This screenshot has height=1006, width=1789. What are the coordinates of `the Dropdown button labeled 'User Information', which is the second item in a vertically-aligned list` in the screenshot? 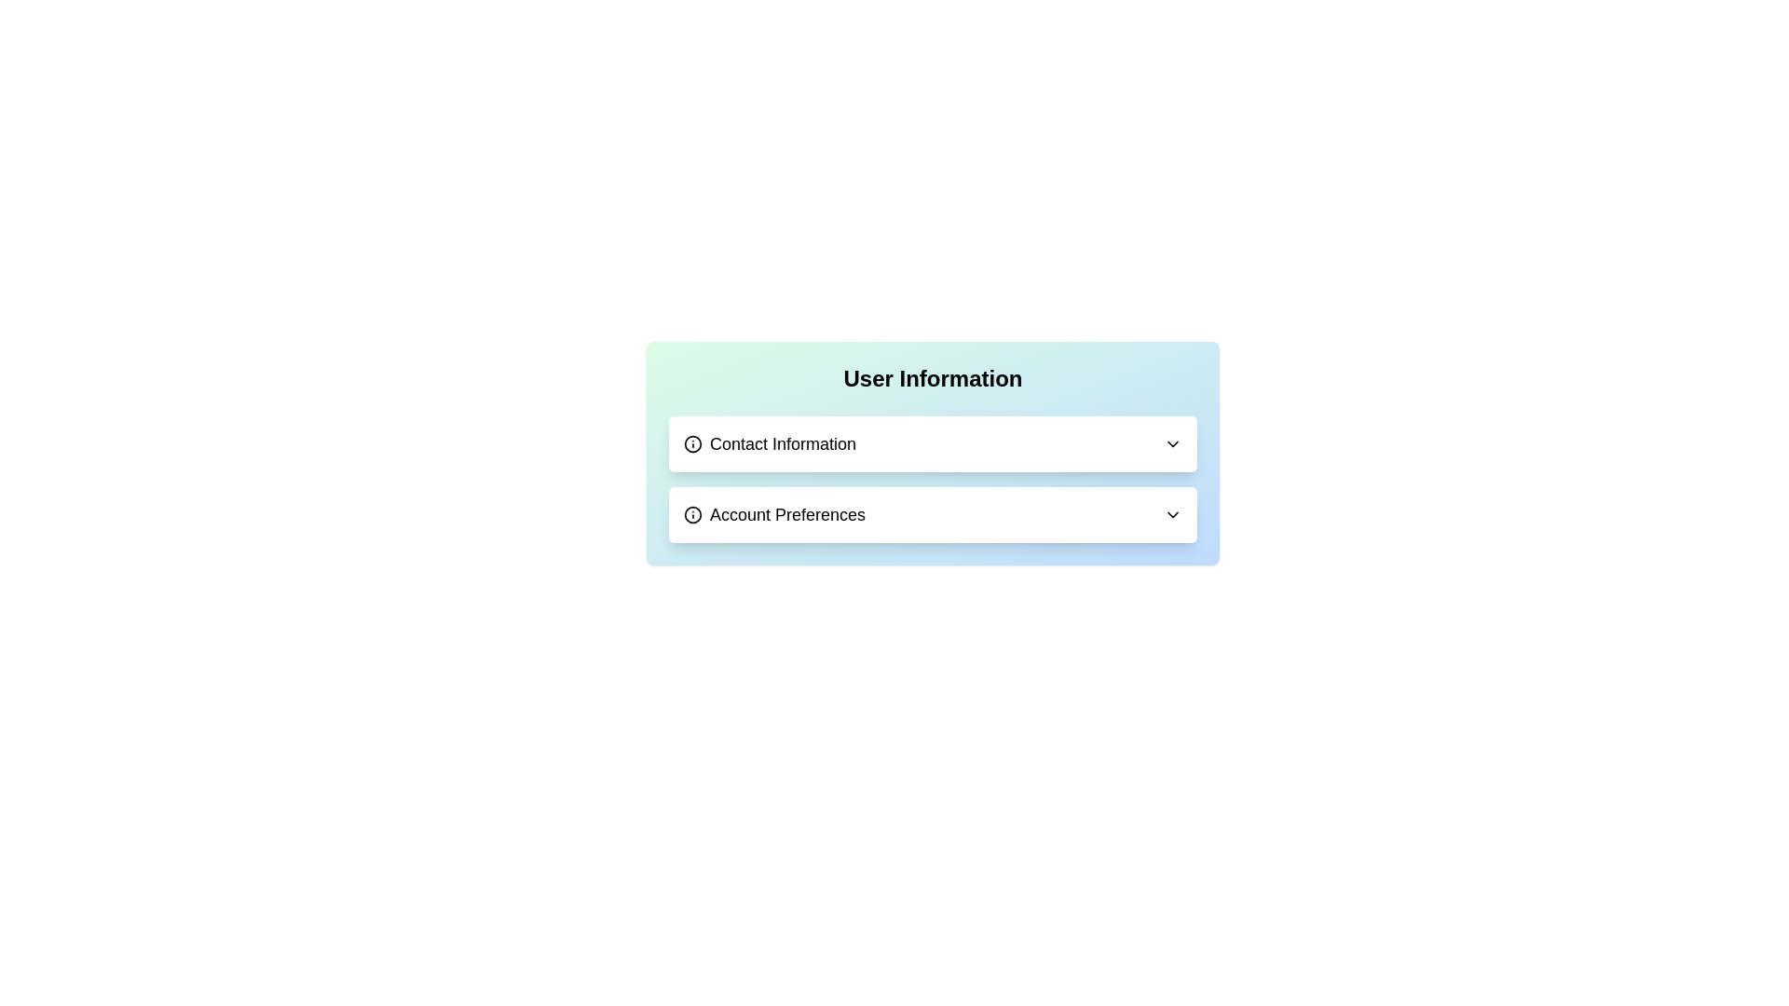 It's located at (933, 514).